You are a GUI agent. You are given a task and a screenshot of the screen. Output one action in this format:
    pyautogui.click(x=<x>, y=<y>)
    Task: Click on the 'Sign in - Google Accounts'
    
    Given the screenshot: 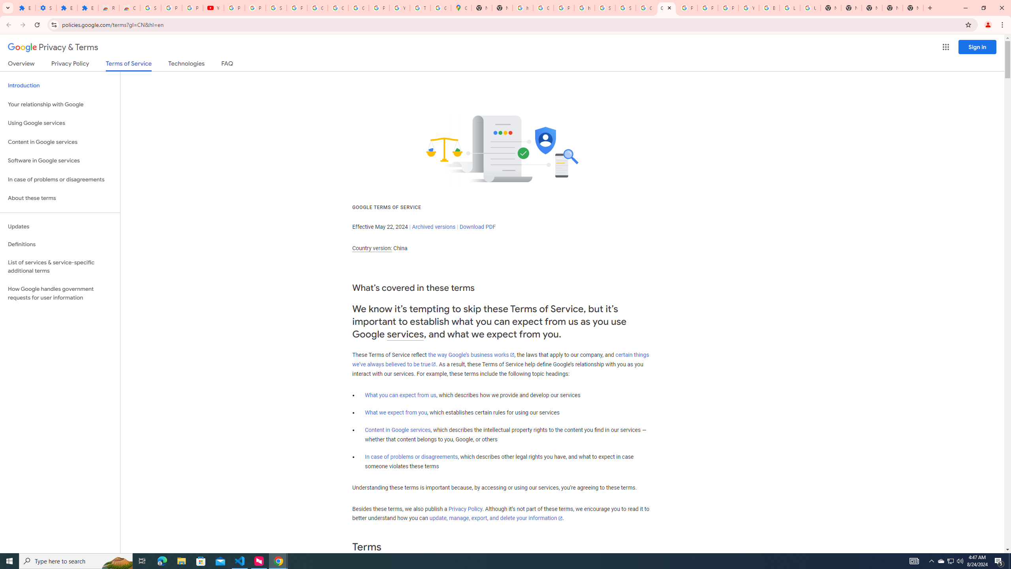 What is the action you would take?
    pyautogui.click(x=150, y=8)
    